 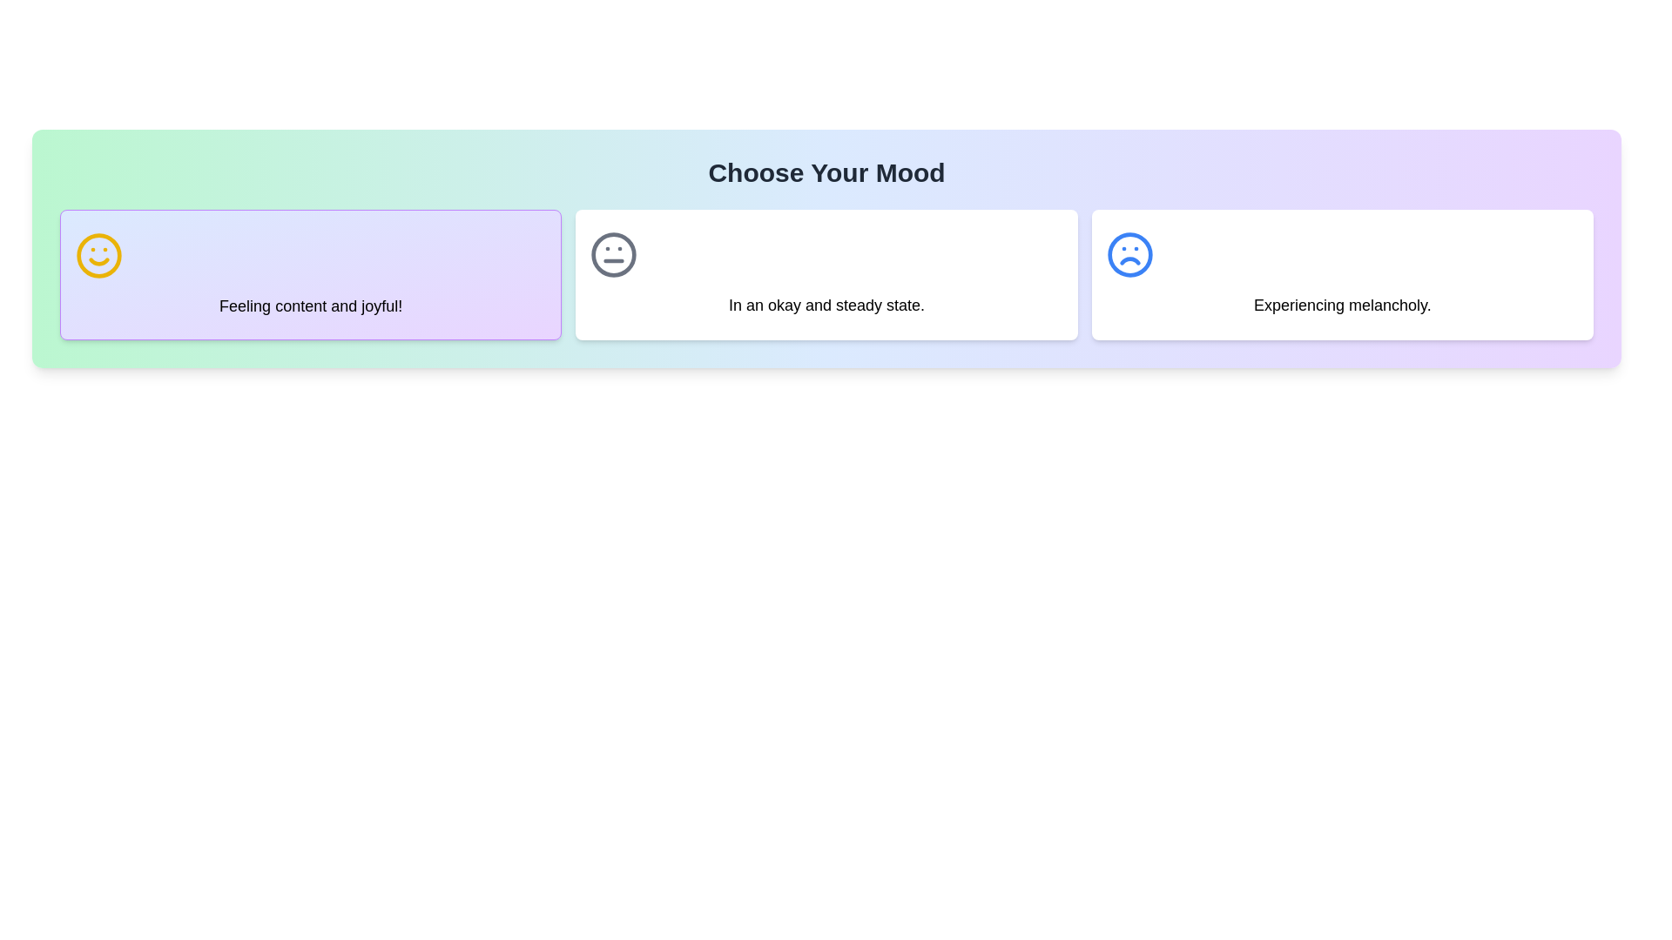 What do you see at coordinates (1129, 255) in the screenshot?
I see `Circle (SVG graphic element) that represents the 'Experiencing melancholy' mood choice in the rightmost panel of the mood options` at bounding box center [1129, 255].